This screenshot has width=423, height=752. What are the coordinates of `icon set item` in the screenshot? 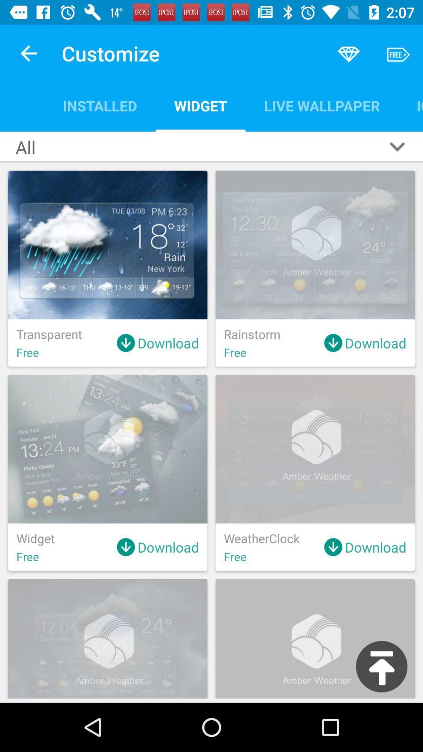 It's located at (410, 105).